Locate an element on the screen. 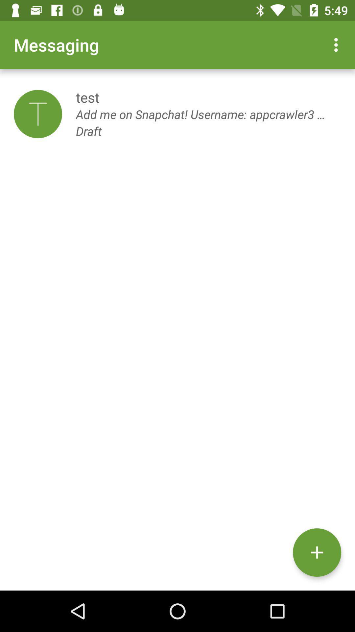 This screenshot has width=355, height=632. the item to the left of test is located at coordinates (38, 114).